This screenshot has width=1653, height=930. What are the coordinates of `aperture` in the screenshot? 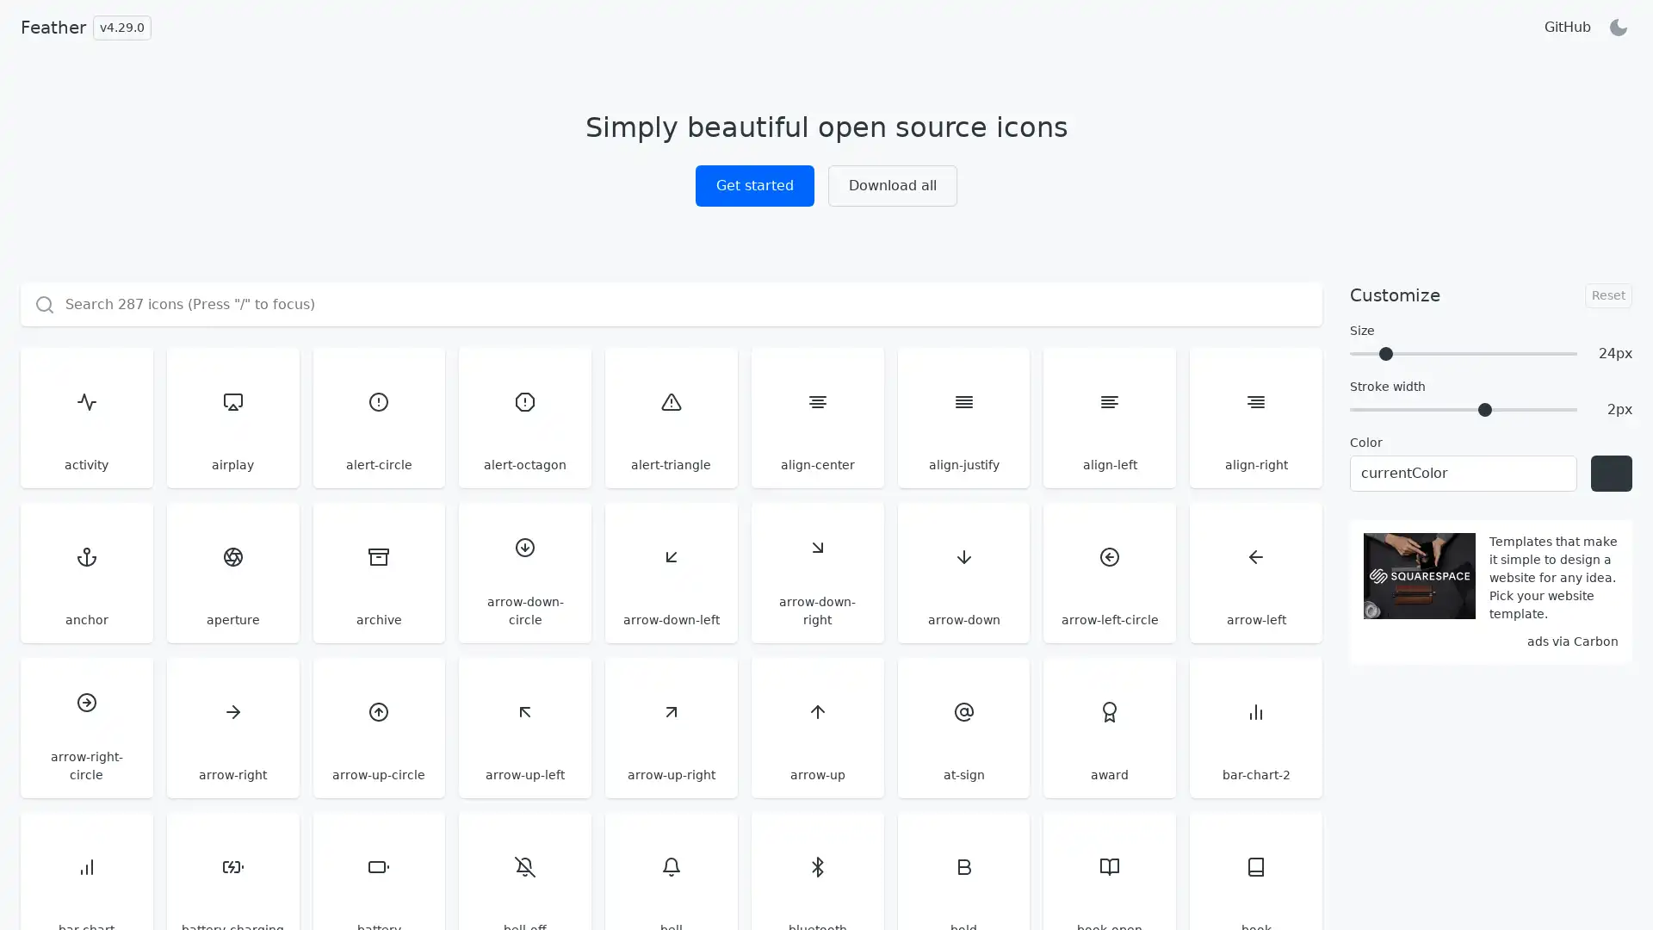 It's located at (231, 572).